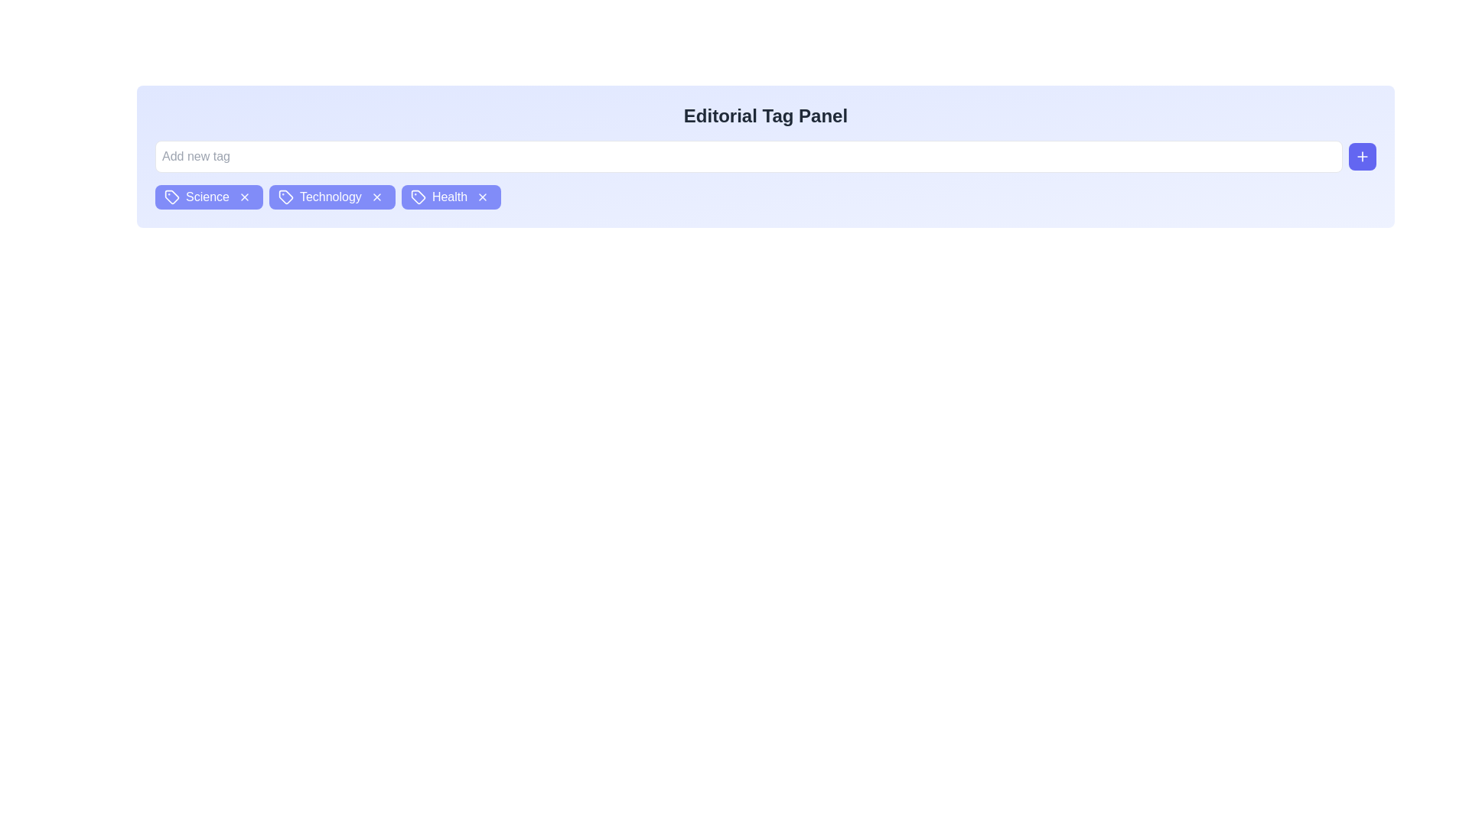 The image size is (1469, 826). What do you see at coordinates (449, 197) in the screenshot?
I see `the third tag` at bounding box center [449, 197].